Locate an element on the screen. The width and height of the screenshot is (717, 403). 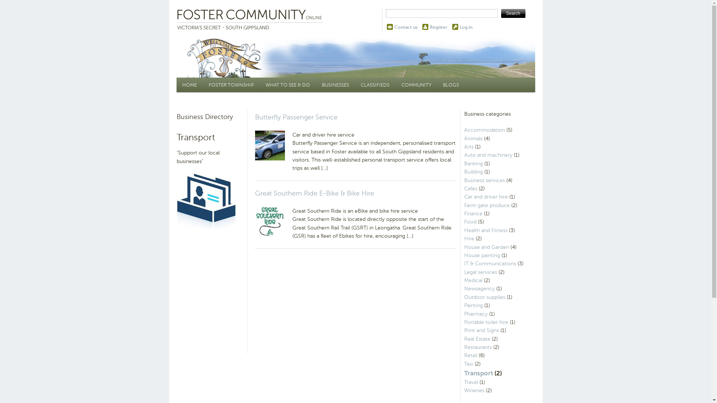
'Log in' is located at coordinates (459, 27).